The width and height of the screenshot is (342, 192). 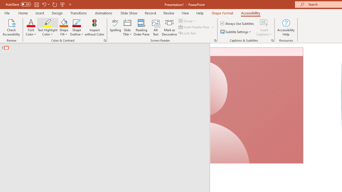 I want to click on 'Subtitle Settings', so click(x=236, y=32).